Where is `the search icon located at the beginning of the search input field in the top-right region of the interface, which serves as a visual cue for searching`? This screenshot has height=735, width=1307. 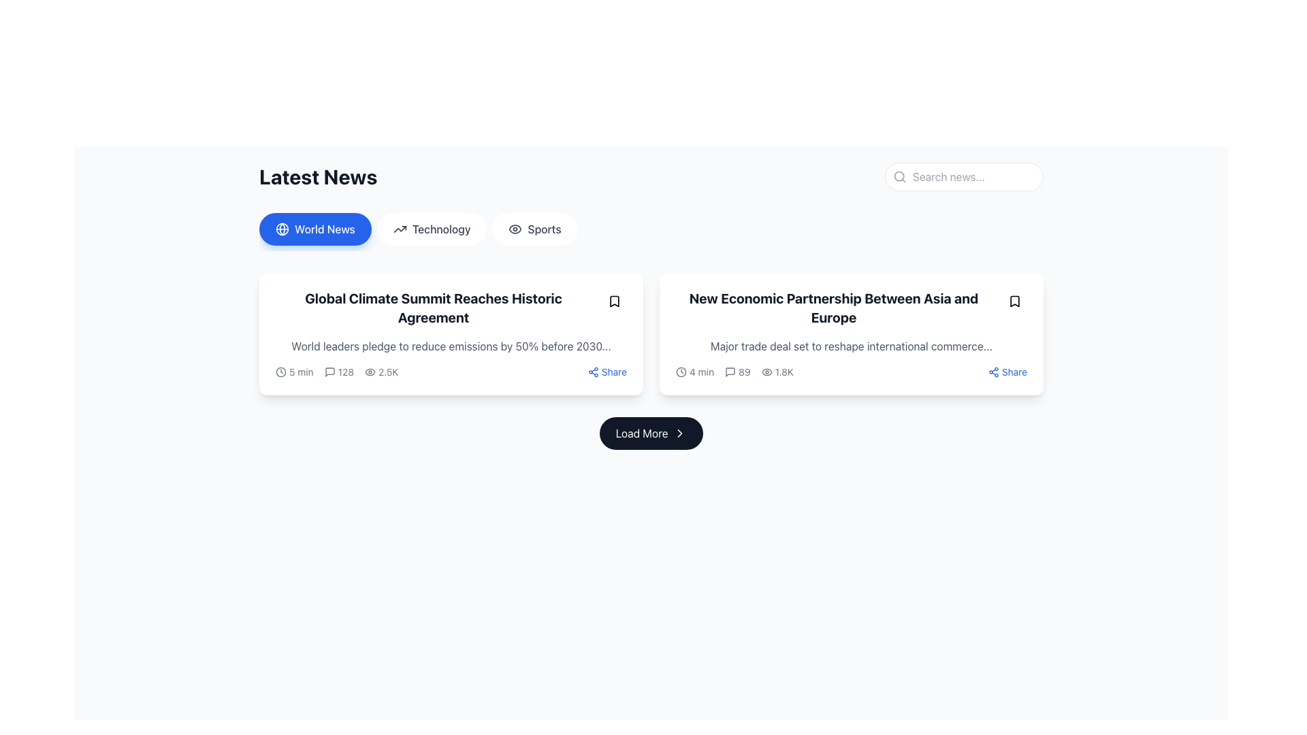 the search icon located at the beginning of the search input field in the top-right region of the interface, which serves as a visual cue for searching is located at coordinates (899, 176).